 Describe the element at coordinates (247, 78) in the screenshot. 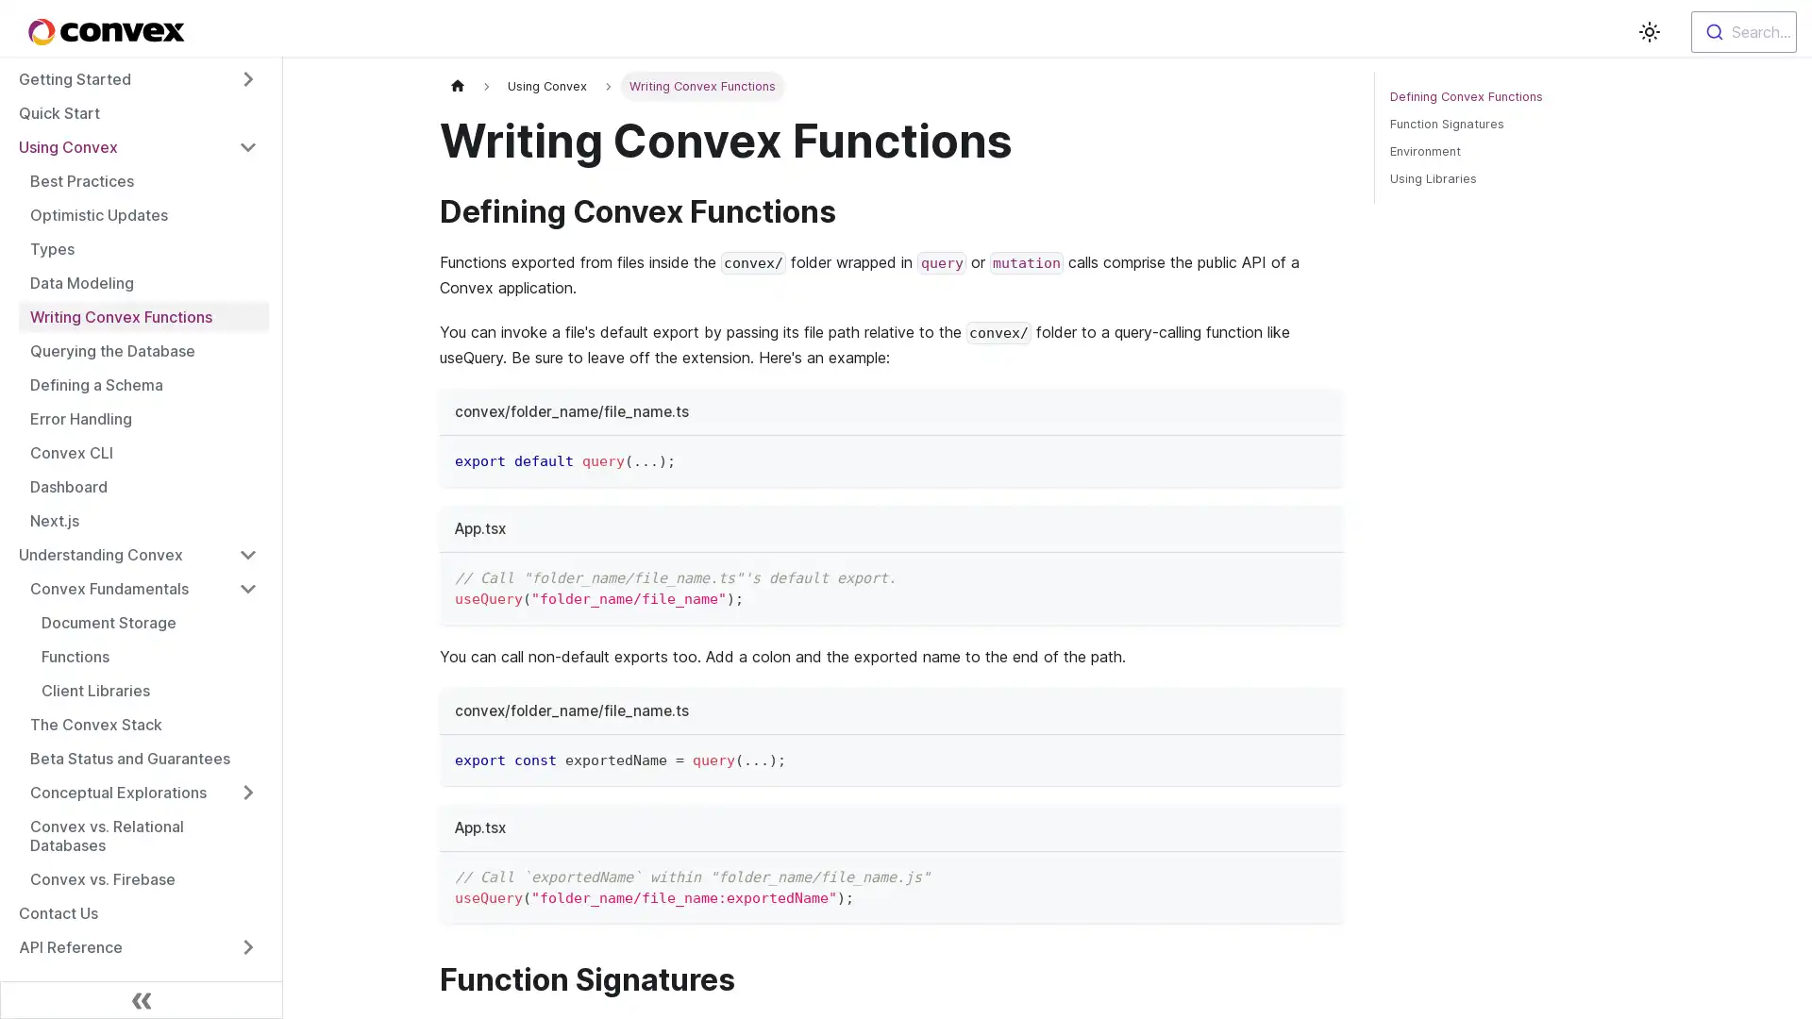

I see `Toggle the collapsible sidebar category 'Getting Started'` at that location.